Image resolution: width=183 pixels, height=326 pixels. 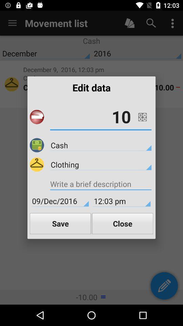 What do you see at coordinates (60, 223) in the screenshot?
I see `the icon to the left of close item` at bounding box center [60, 223].